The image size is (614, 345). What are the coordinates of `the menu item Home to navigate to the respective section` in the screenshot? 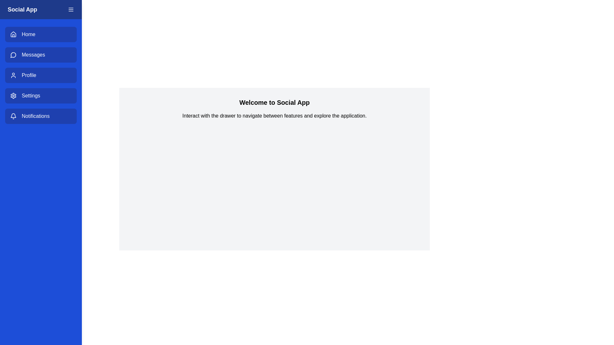 It's located at (41, 34).